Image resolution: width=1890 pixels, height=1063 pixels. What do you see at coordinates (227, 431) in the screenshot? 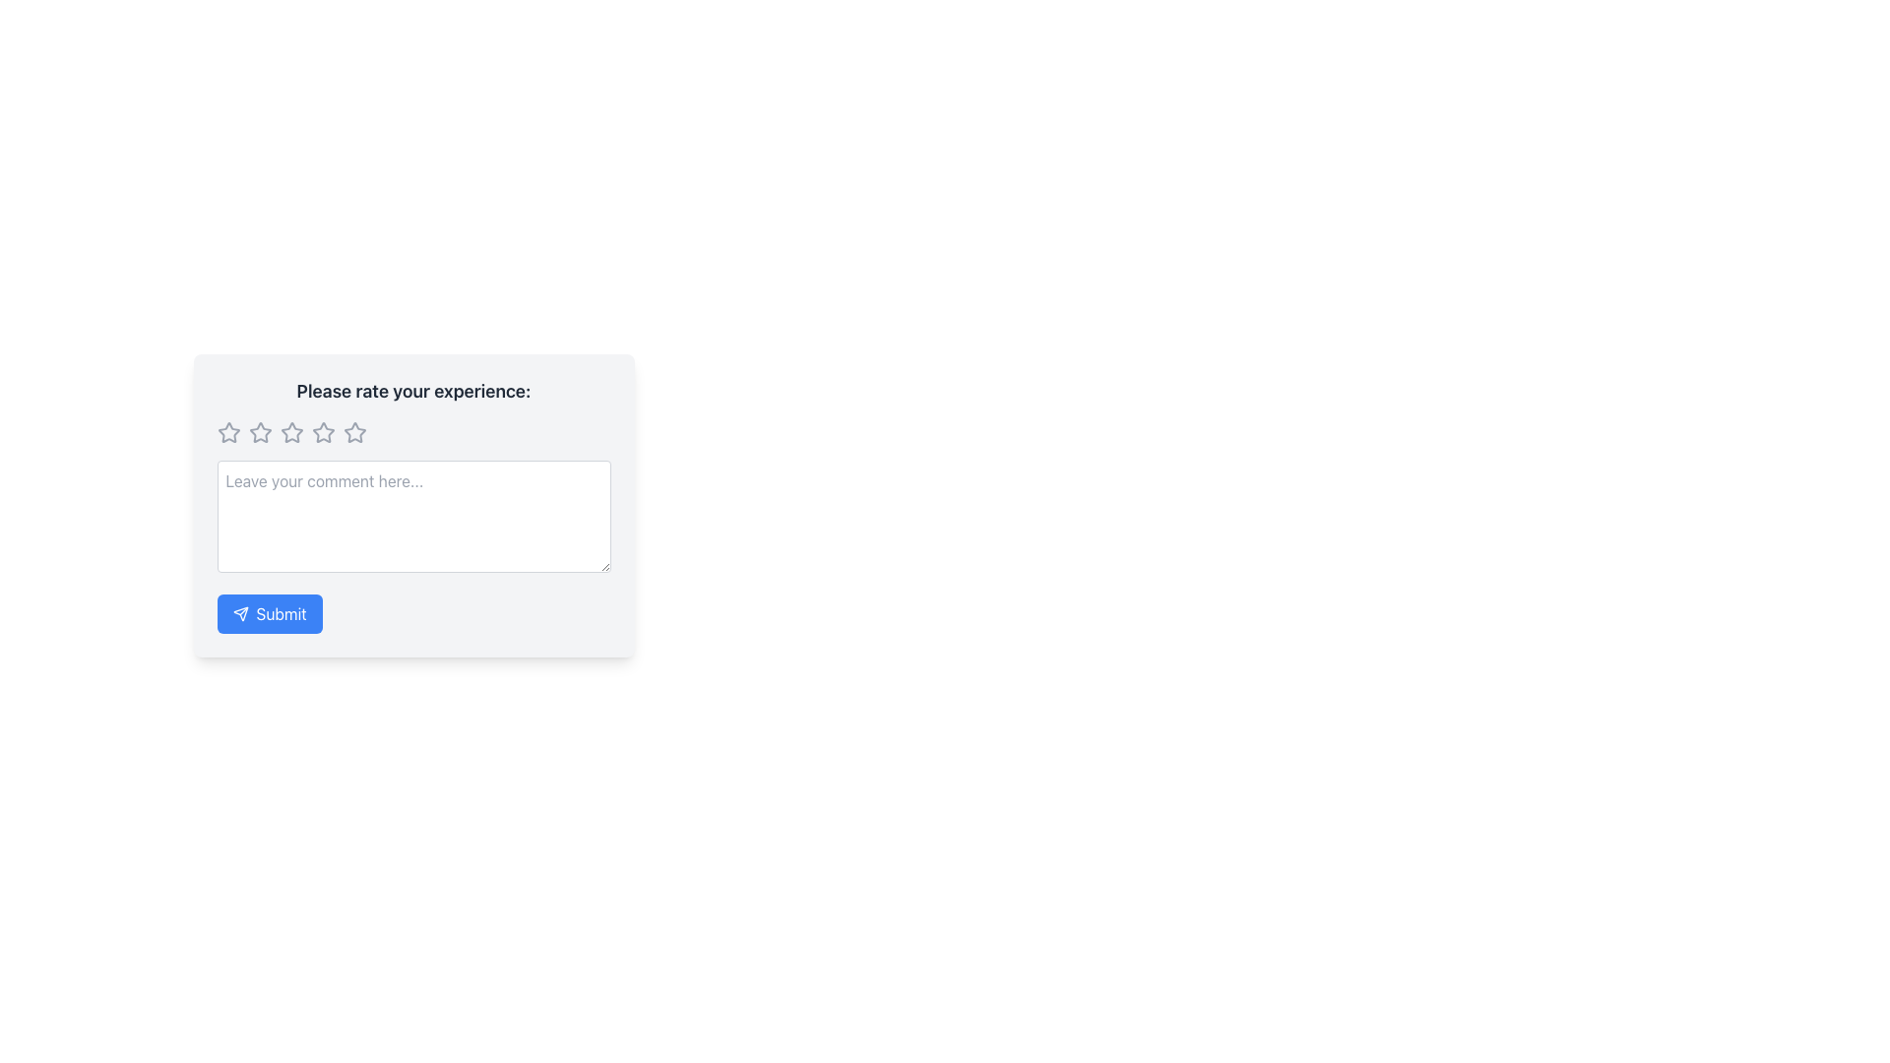
I see `the first star icon to rate your experience in the rating interface above the text input box` at bounding box center [227, 431].